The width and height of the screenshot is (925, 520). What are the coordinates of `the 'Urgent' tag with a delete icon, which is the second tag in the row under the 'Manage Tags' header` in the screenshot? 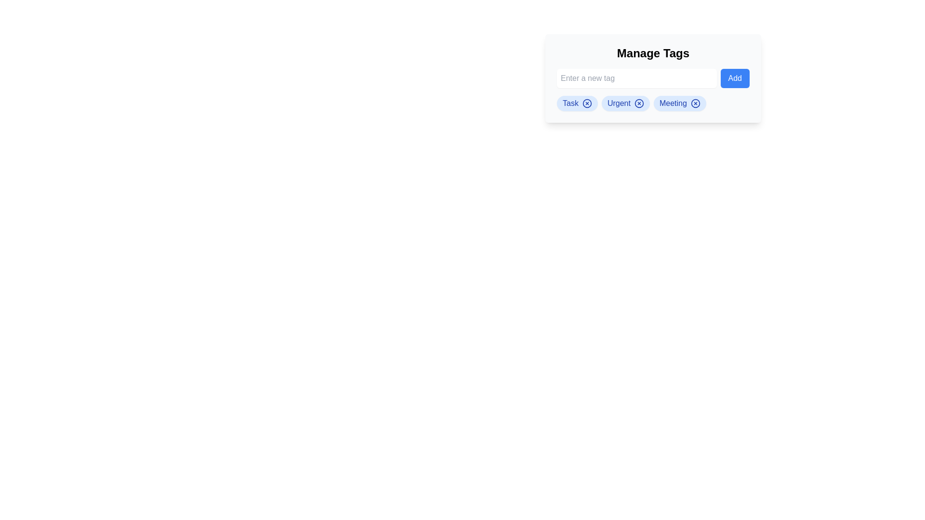 It's located at (625, 104).